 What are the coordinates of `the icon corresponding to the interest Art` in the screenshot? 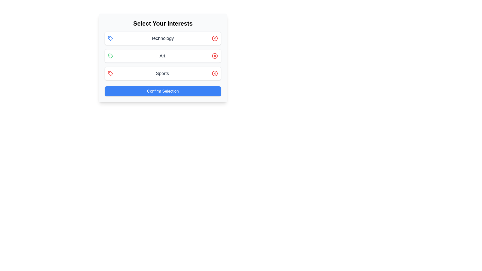 It's located at (110, 56).